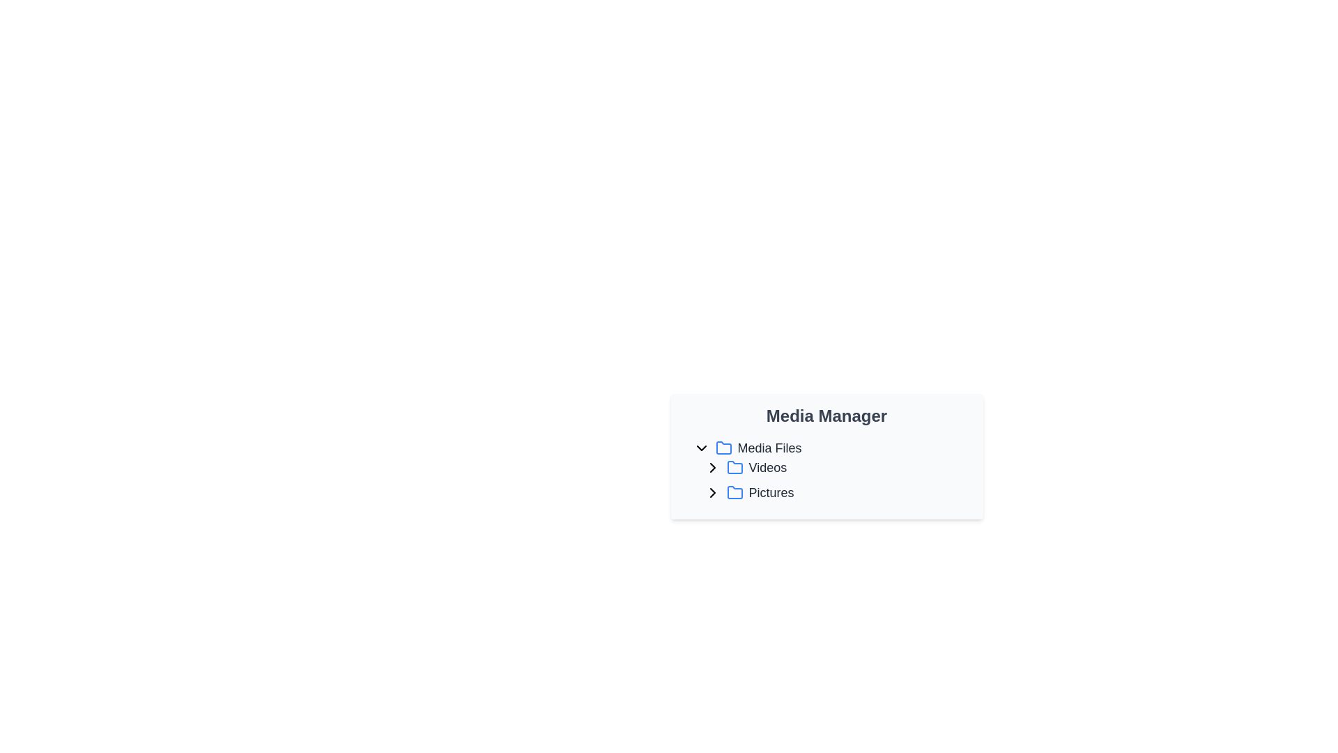  What do you see at coordinates (723, 448) in the screenshot?
I see `the folder icon representing 'Media Files' located in the 'Media Manager' section` at bounding box center [723, 448].